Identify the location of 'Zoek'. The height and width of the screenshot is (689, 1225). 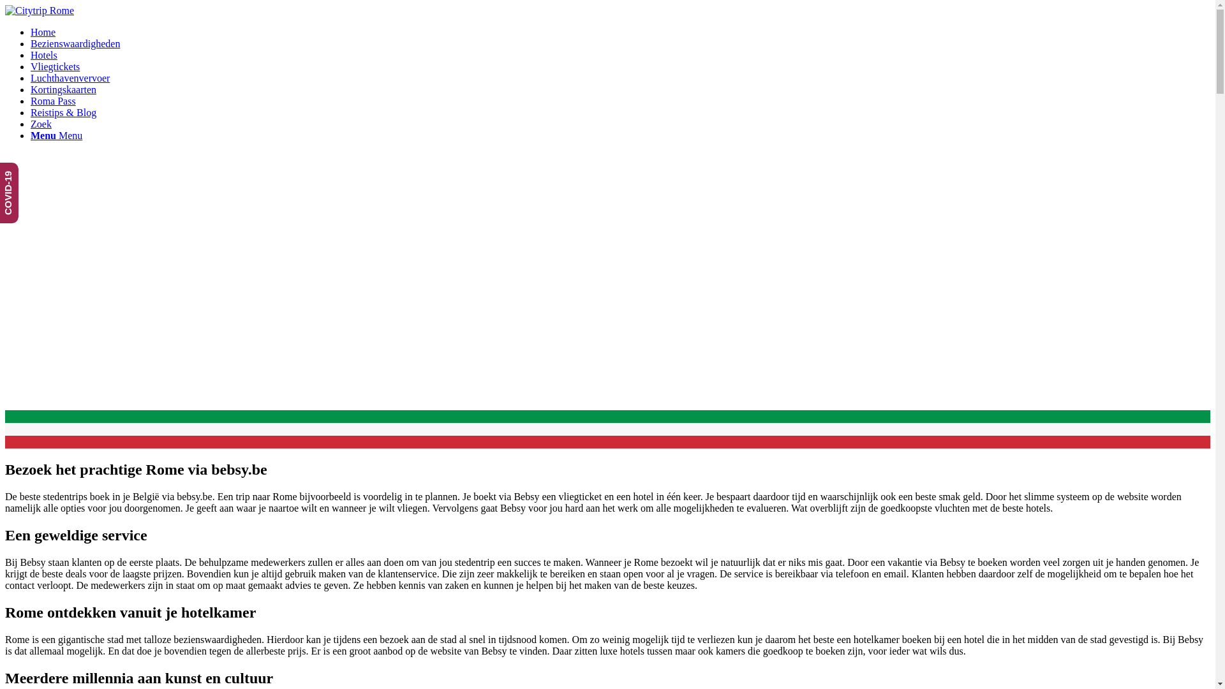
(41, 124).